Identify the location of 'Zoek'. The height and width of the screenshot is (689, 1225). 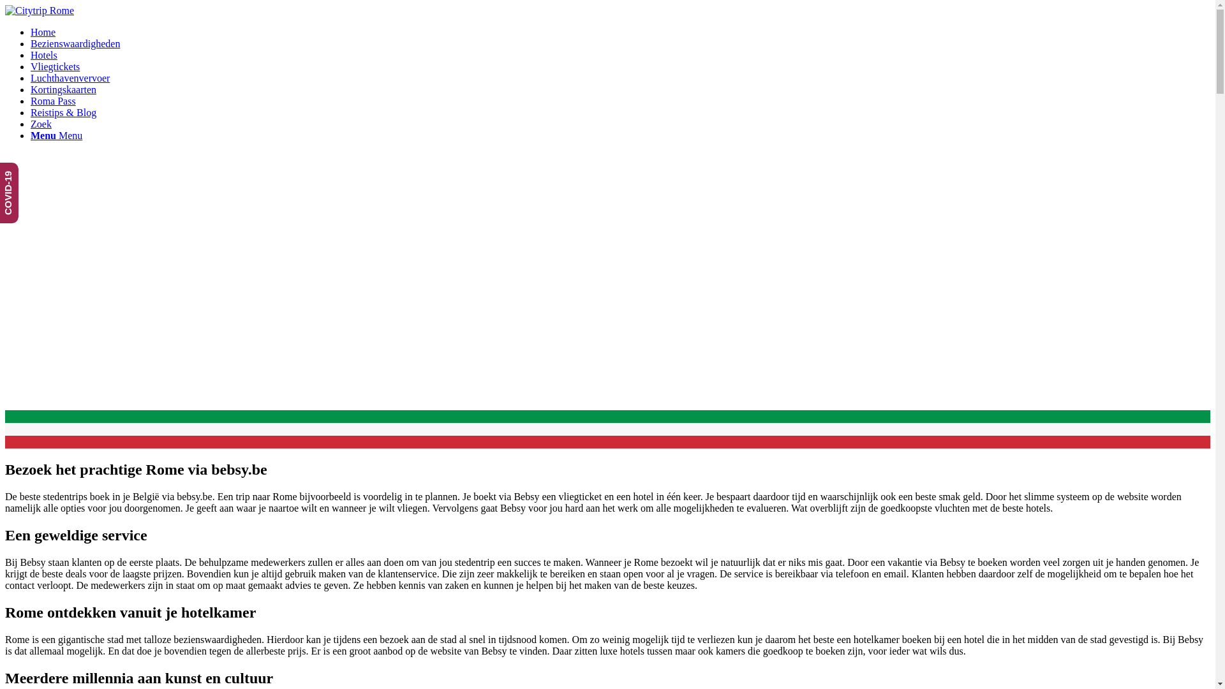
(41, 124).